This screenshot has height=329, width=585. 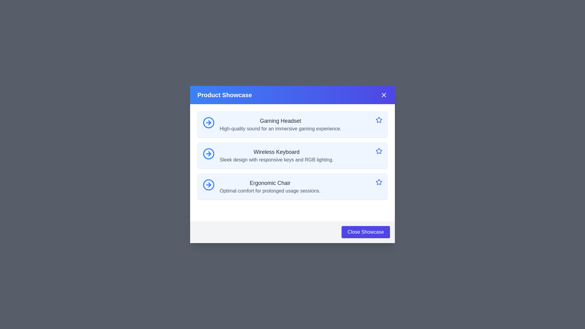 What do you see at coordinates (366, 232) in the screenshot?
I see `the button with rounded edges that has a bold indigo background and white text reading 'Close Showcase'` at bounding box center [366, 232].